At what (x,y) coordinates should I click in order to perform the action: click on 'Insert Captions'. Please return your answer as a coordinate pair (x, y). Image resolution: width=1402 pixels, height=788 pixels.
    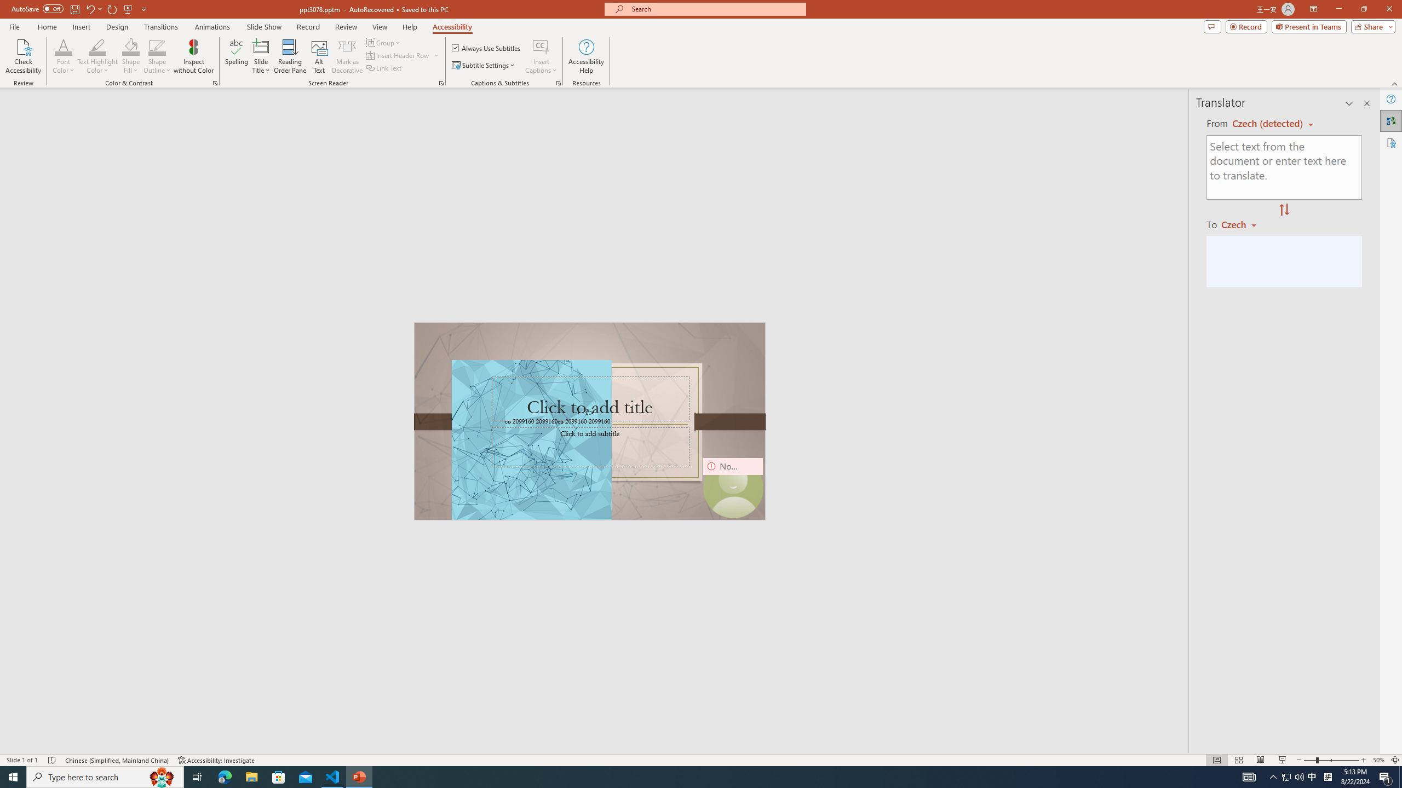
    Looking at the image, I should click on (541, 46).